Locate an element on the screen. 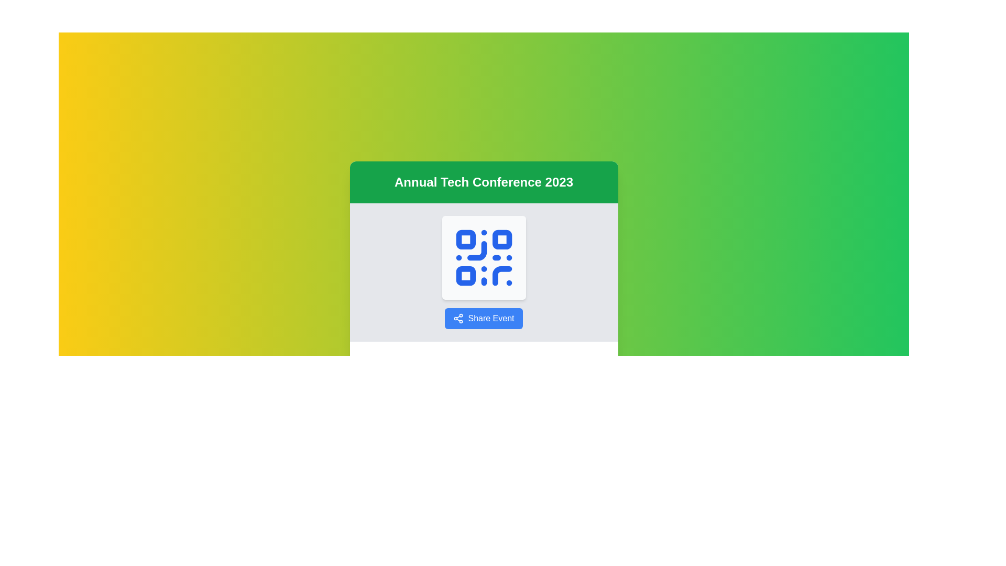 The width and height of the screenshot is (1006, 566). the top-left rounded rectangle of the QR code graphic, which is positioned below the title 'Annual Tech Conference 2023' and above the 'Share Event' button is located at coordinates (465, 240).